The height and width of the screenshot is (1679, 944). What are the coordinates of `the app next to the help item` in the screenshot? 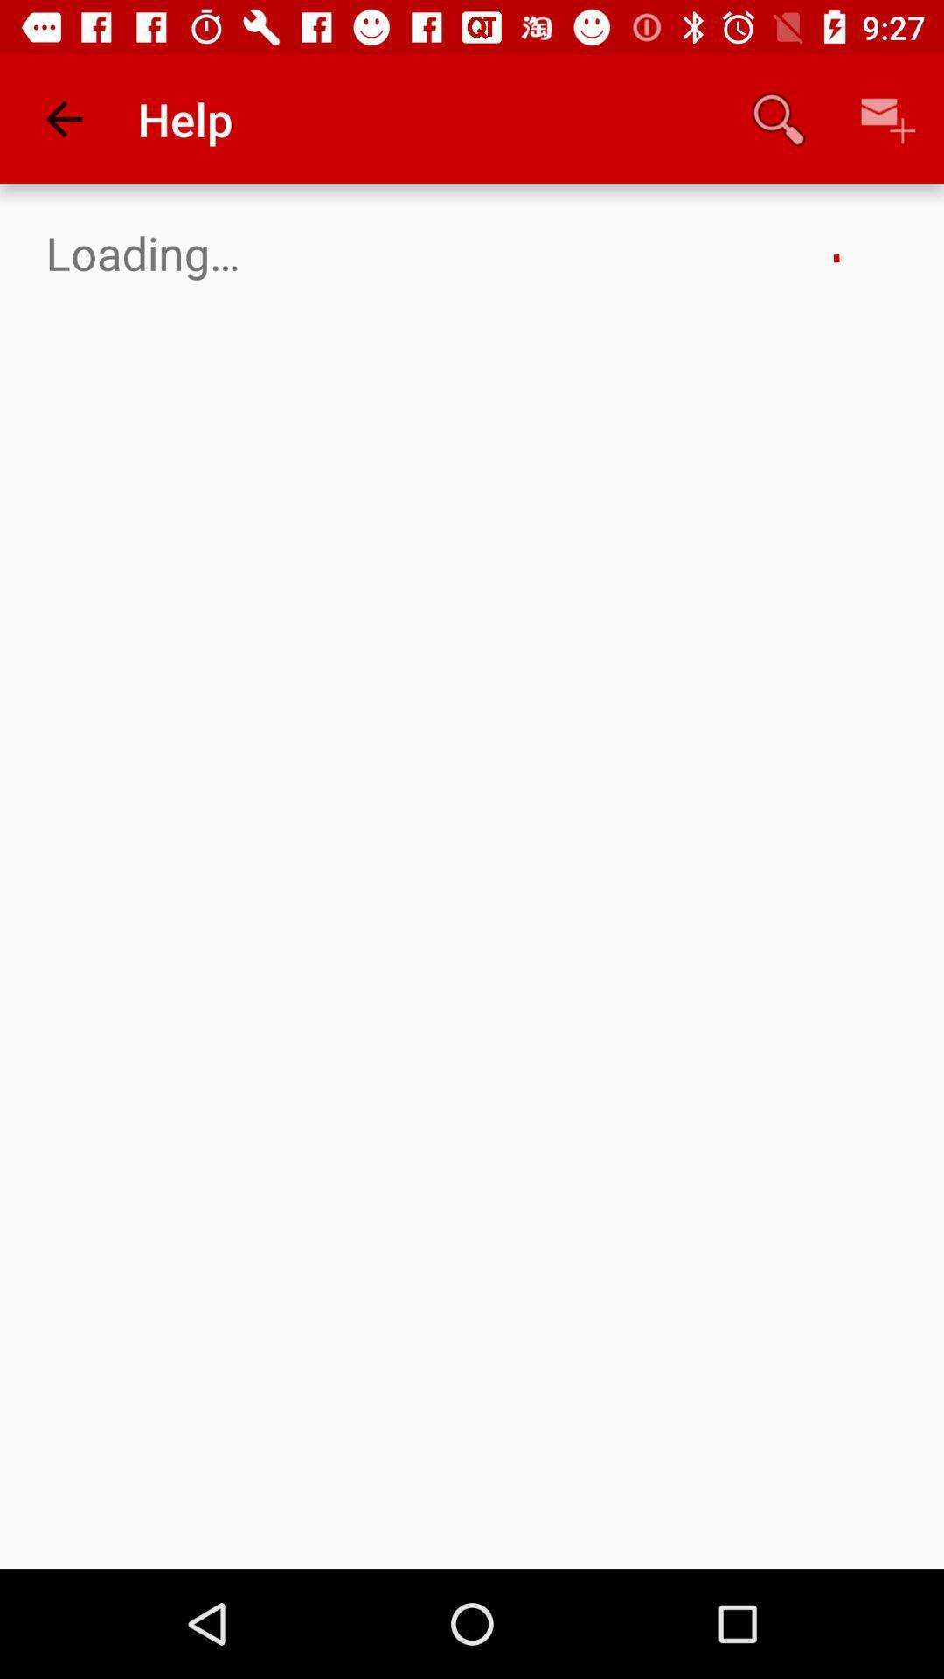 It's located at (778, 118).